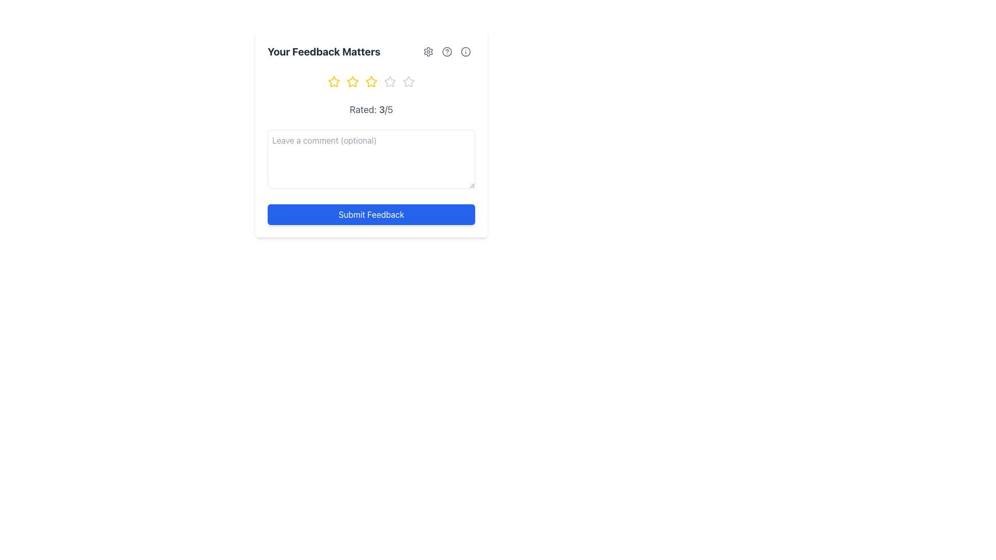  What do you see at coordinates (390, 81) in the screenshot?
I see `the fourth star-shaped icon` at bounding box center [390, 81].